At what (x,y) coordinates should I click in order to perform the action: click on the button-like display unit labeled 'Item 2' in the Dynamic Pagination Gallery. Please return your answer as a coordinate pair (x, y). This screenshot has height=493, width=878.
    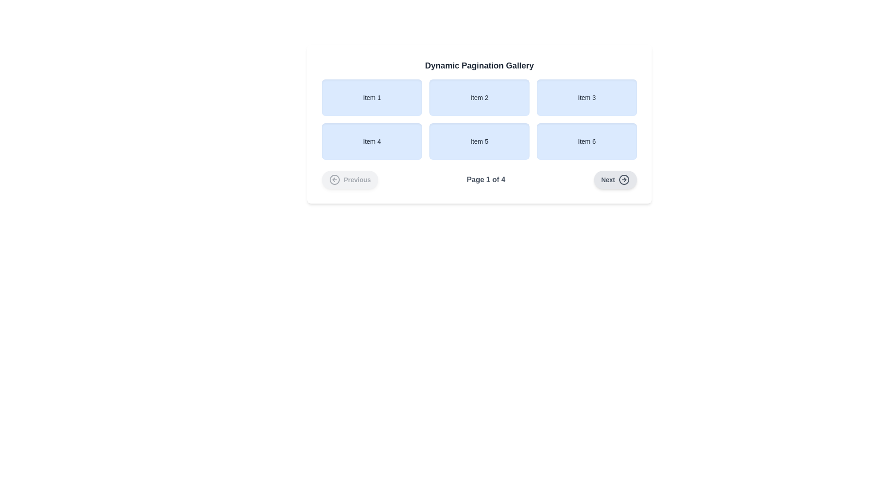
    Looking at the image, I should click on (479, 97).